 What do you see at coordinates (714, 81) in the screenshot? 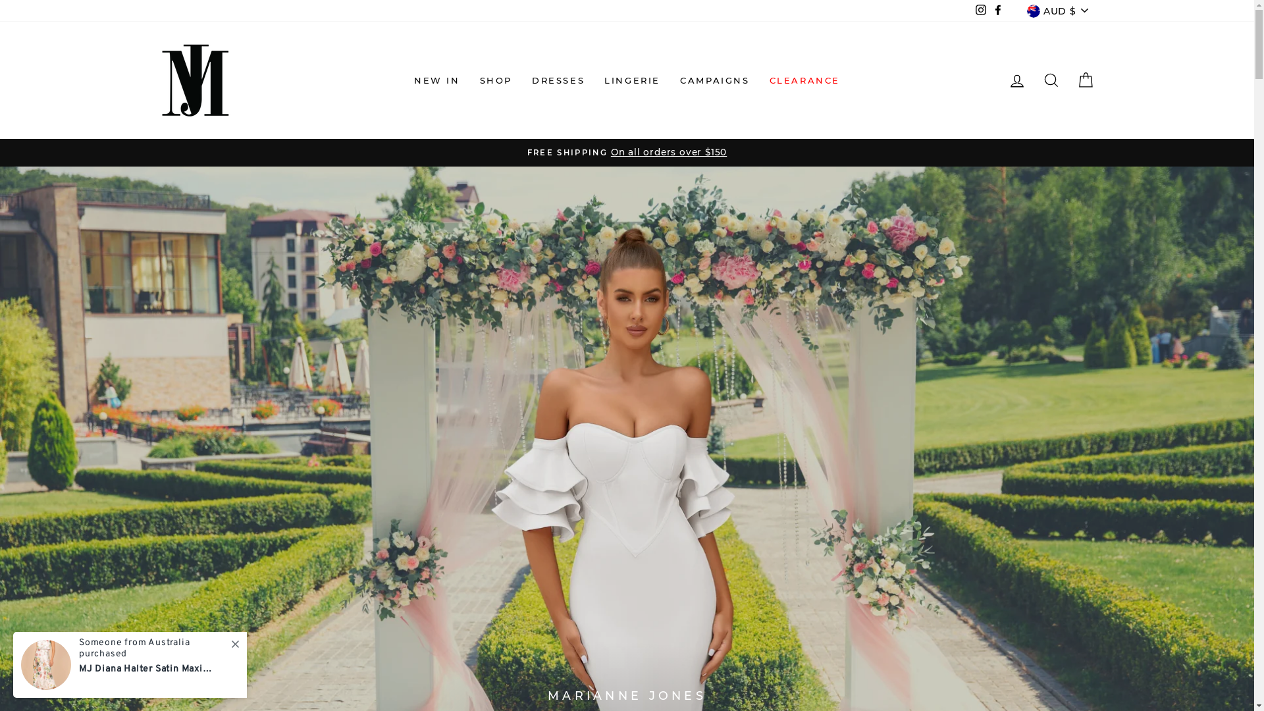
I see `'CAMPAIGNS'` at bounding box center [714, 81].